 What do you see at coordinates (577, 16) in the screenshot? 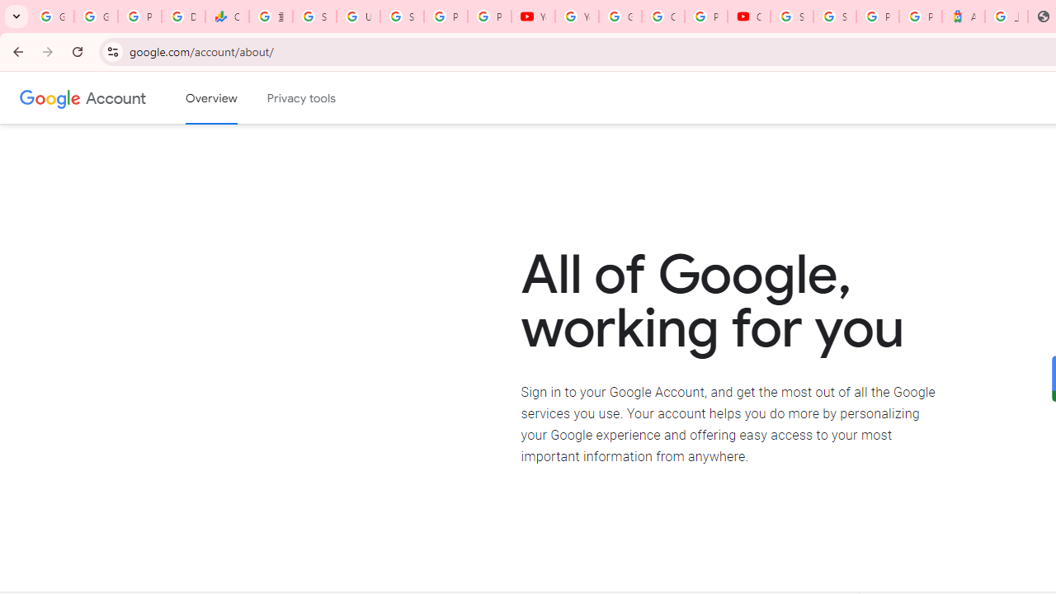
I see `'YouTube'` at bounding box center [577, 16].